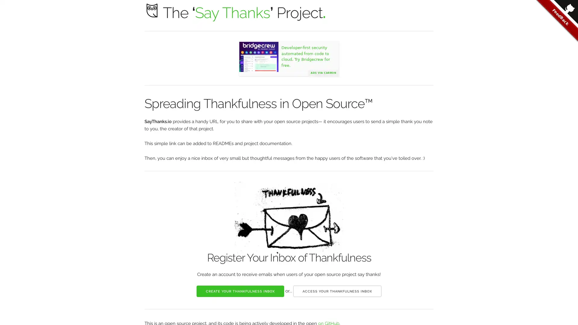 The height and width of the screenshot is (325, 578). I want to click on CREATE YOUR THANKFULNESS INBOX, so click(240, 291).